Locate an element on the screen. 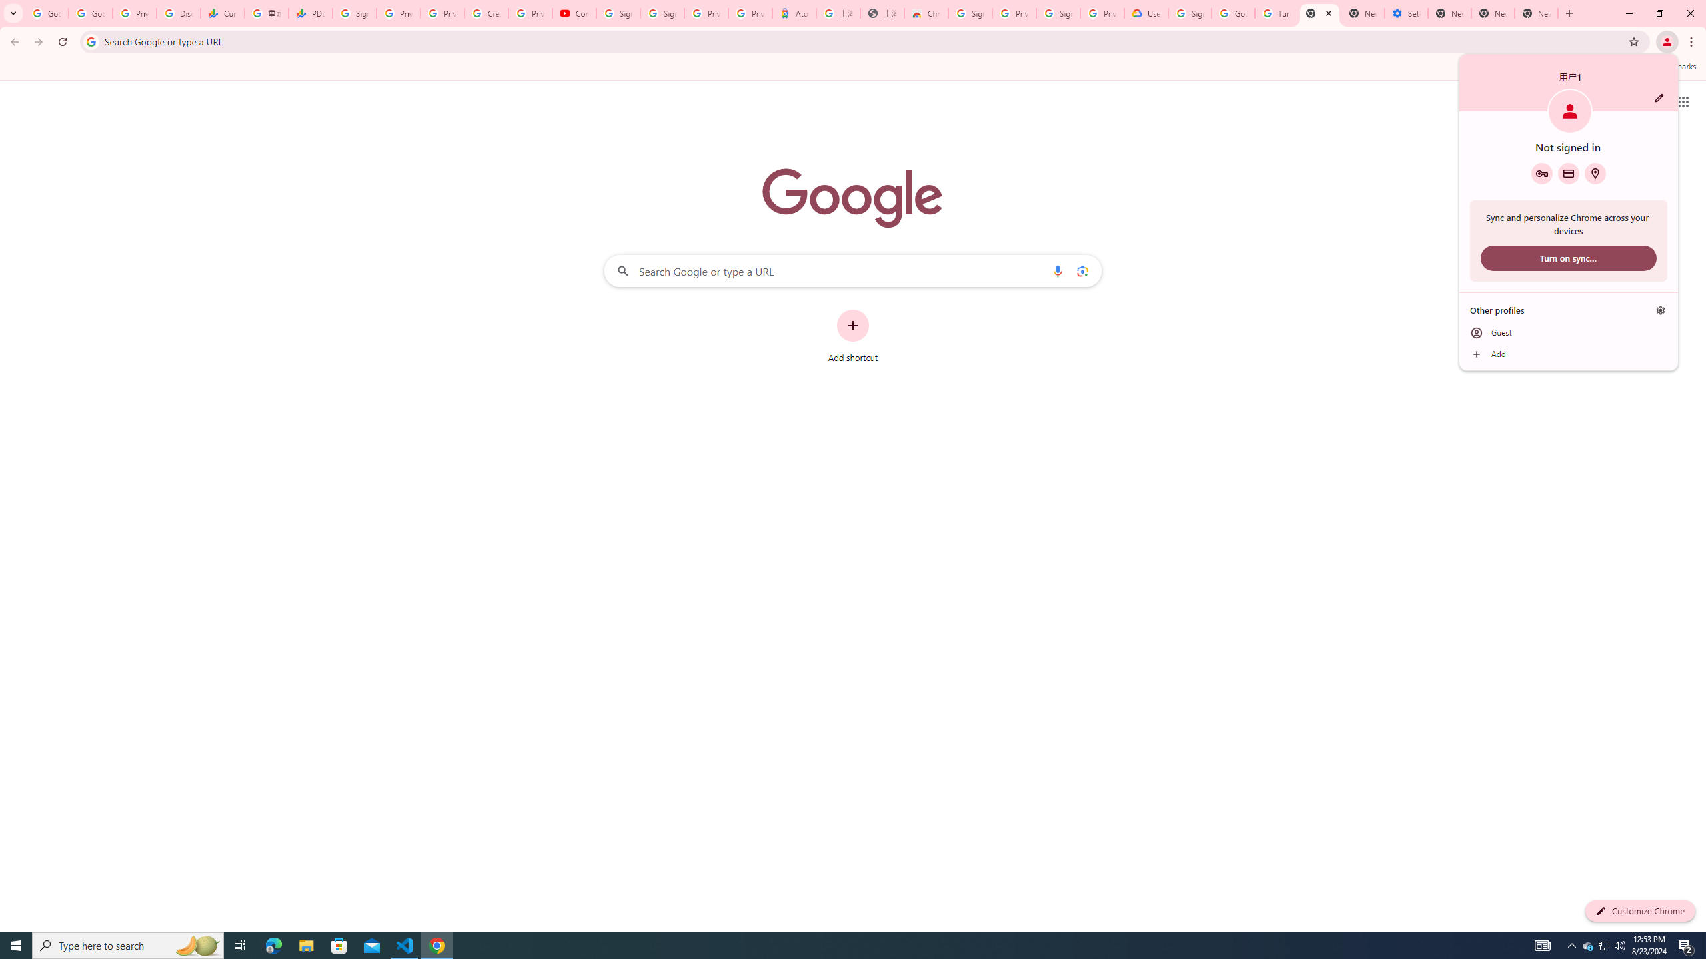 This screenshot has height=959, width=1706. 'Add' is located at coordinates (1567, 354).